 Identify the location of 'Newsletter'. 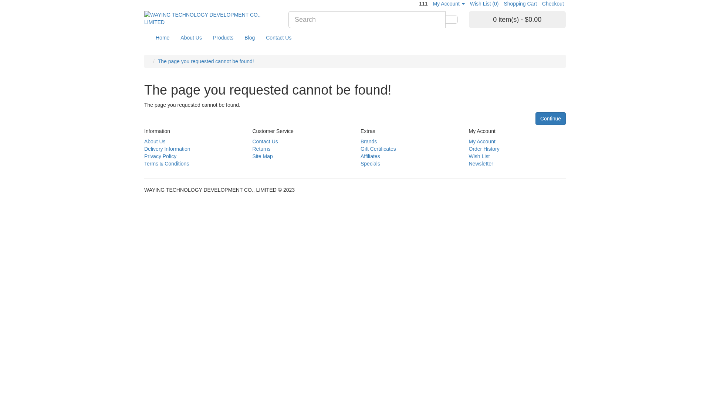
(481, 163).